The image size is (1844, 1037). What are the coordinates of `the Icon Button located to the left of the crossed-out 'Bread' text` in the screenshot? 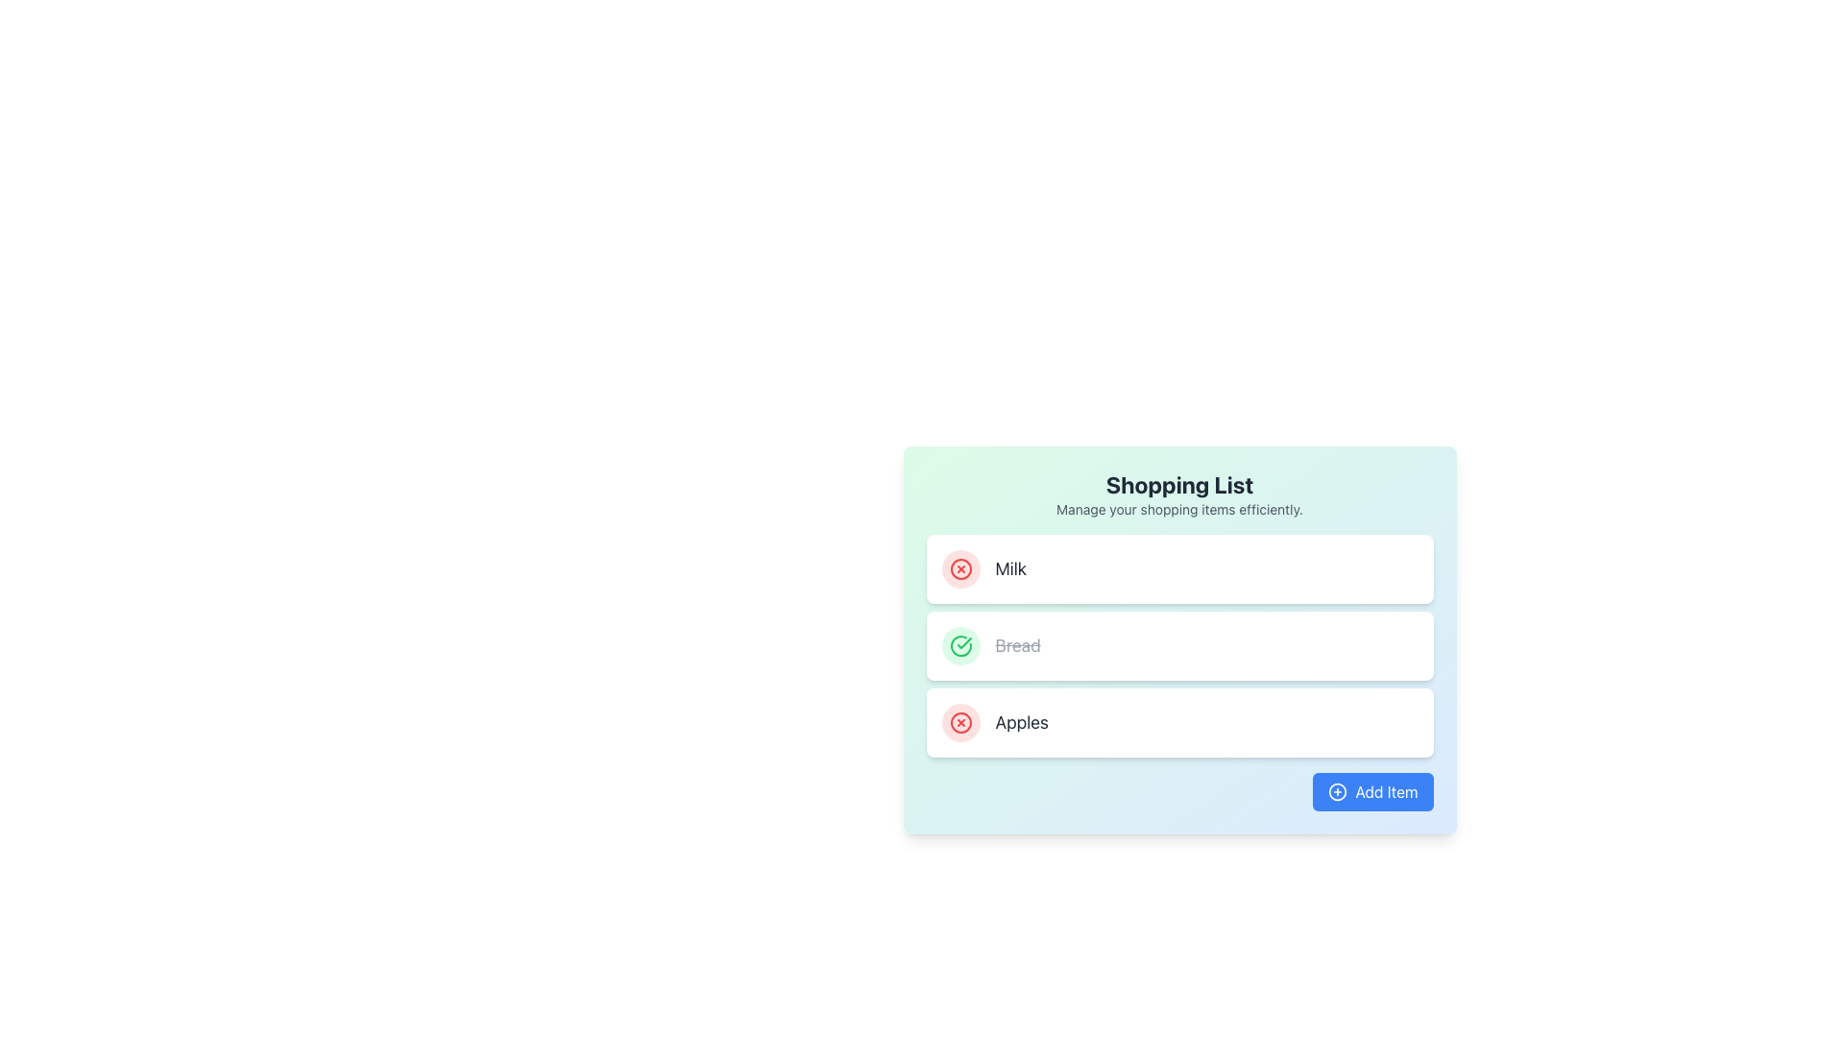 It's located at (960, 645).